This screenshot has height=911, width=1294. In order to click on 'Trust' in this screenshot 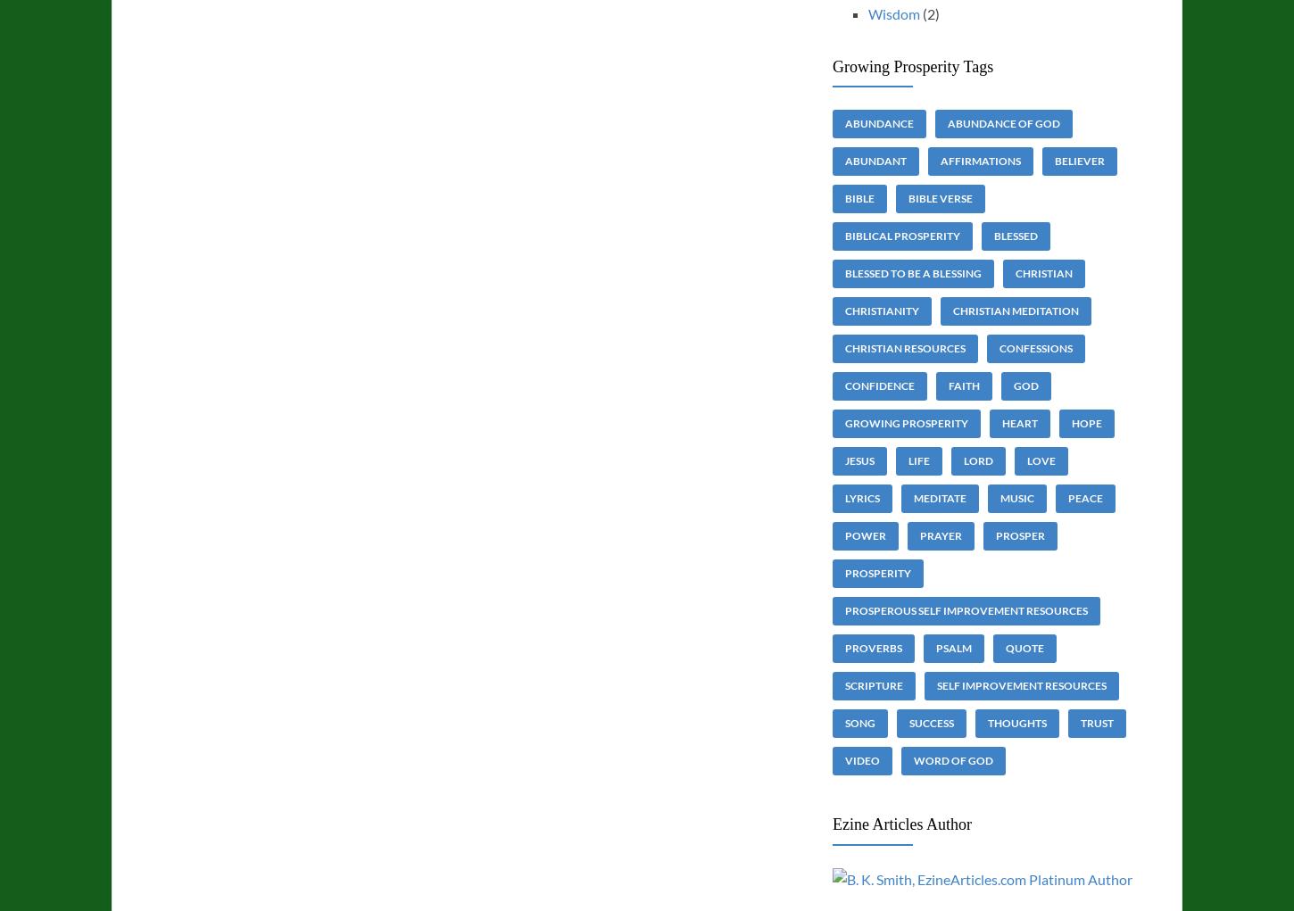, I will do `click(1096, 722)`.